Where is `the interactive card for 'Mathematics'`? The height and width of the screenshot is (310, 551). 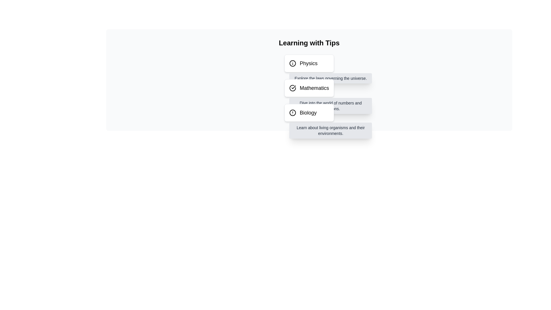
the interactive card for 'Mathematics' is located at coordinates (309, 88).